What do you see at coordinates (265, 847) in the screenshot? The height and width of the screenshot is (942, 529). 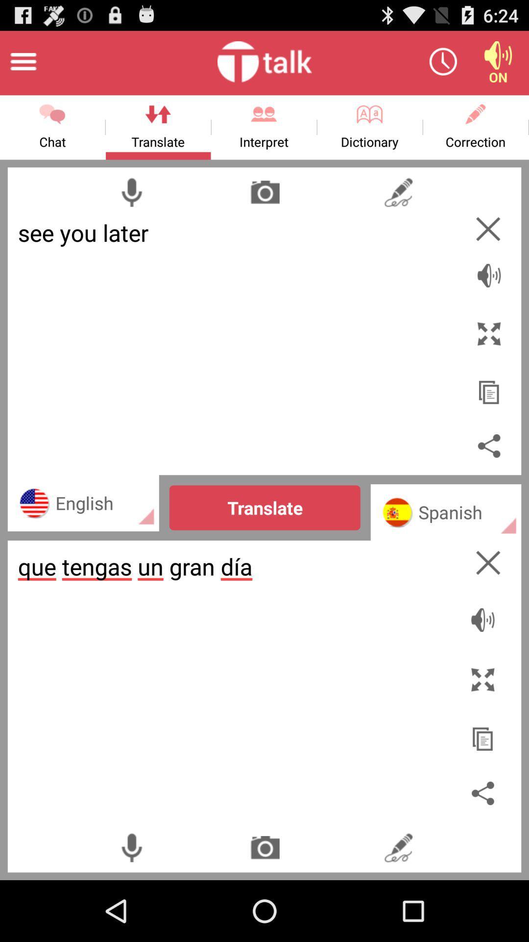 I see `take a photo` at bounding box center [265, 847].